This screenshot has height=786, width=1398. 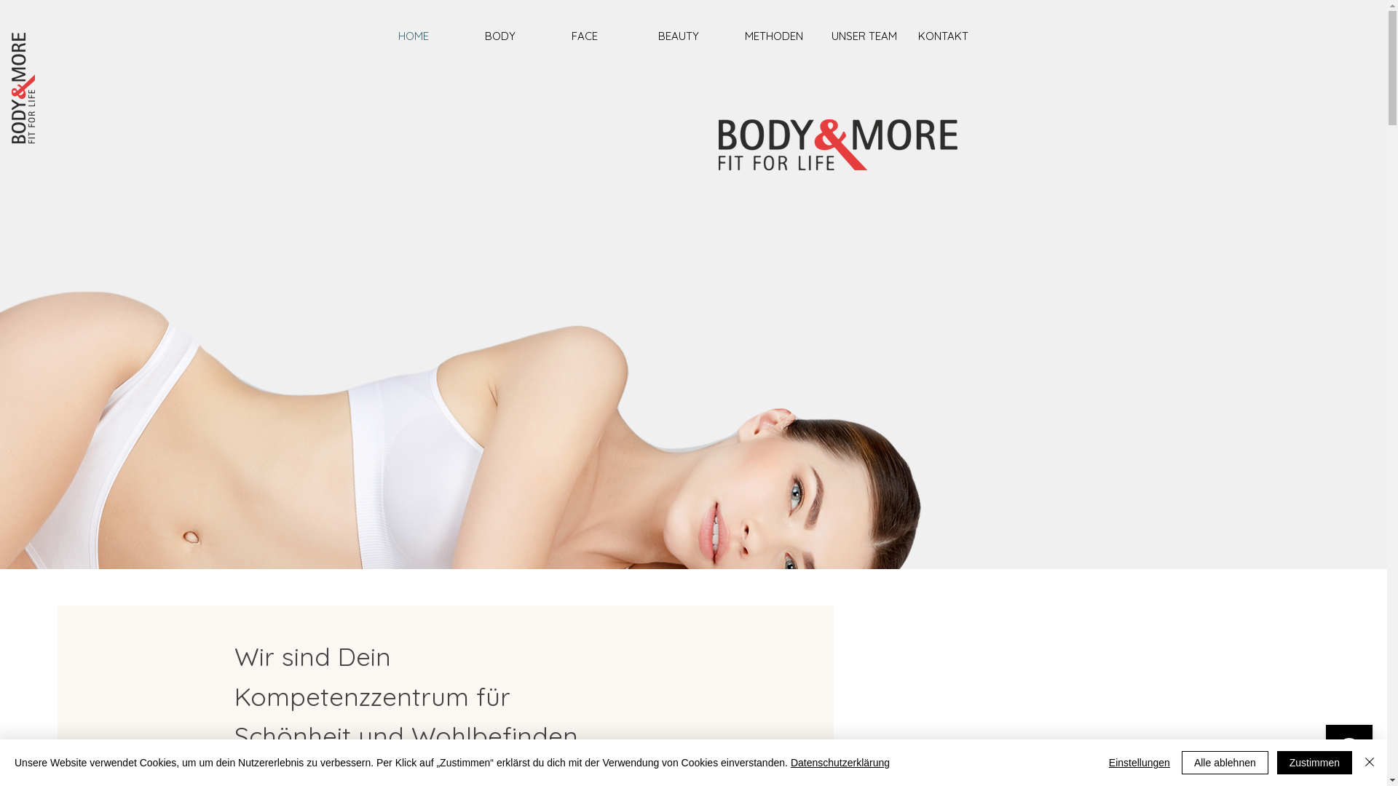 I want to click on 'BEAUTY', so click(x=693, y=36).